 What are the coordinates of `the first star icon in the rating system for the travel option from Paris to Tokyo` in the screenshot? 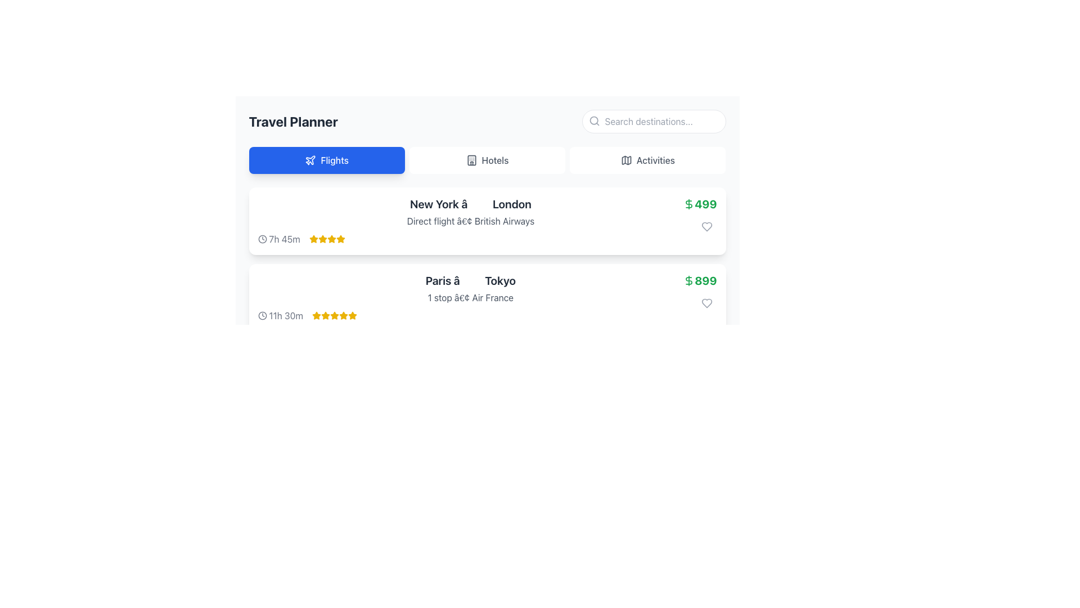 It's located at (325, 315).